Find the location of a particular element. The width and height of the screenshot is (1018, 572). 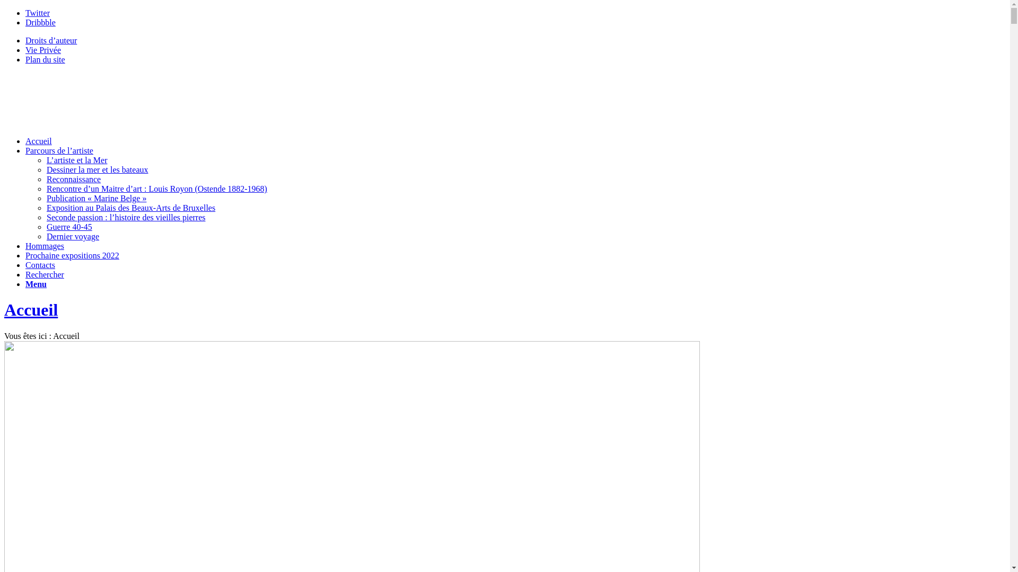

'Hommages' is located at coordinates (25, 246).